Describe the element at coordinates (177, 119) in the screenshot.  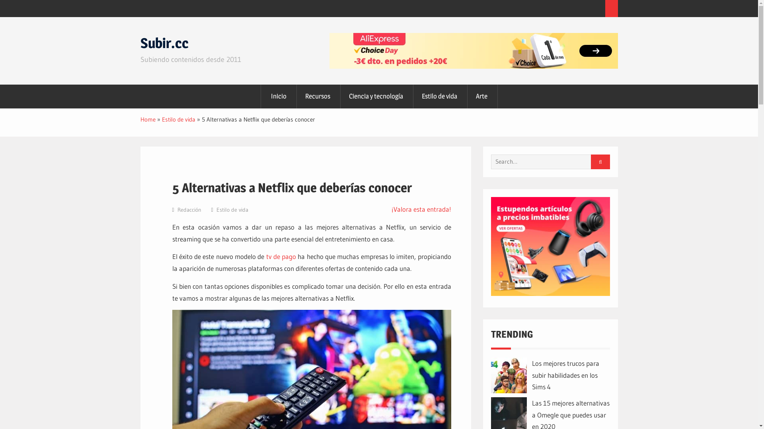
I see `'Estilo de vida'` at that location.